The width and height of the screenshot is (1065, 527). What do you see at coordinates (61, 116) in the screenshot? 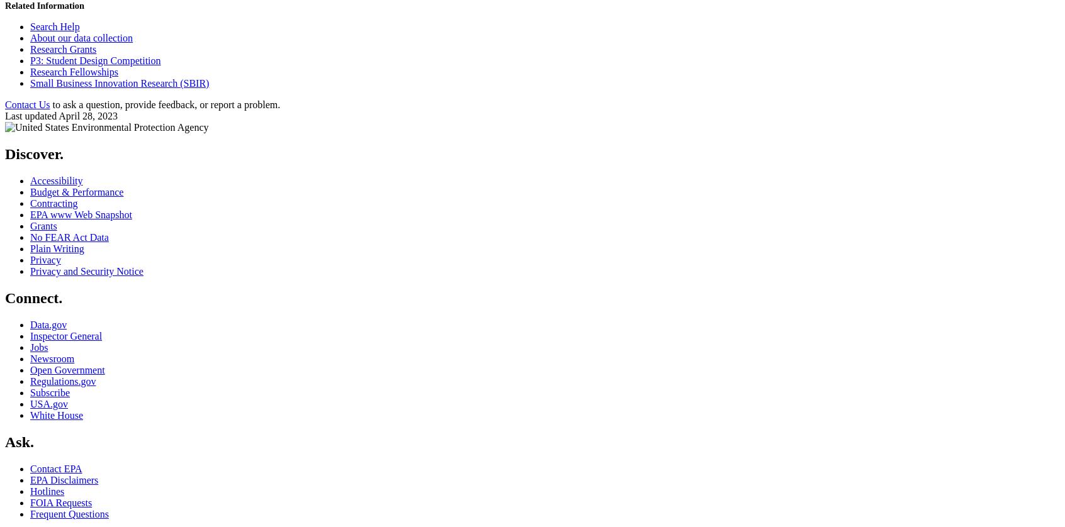
I see `'Last updated April 28, 2023'` at bounding box center [61, 116].